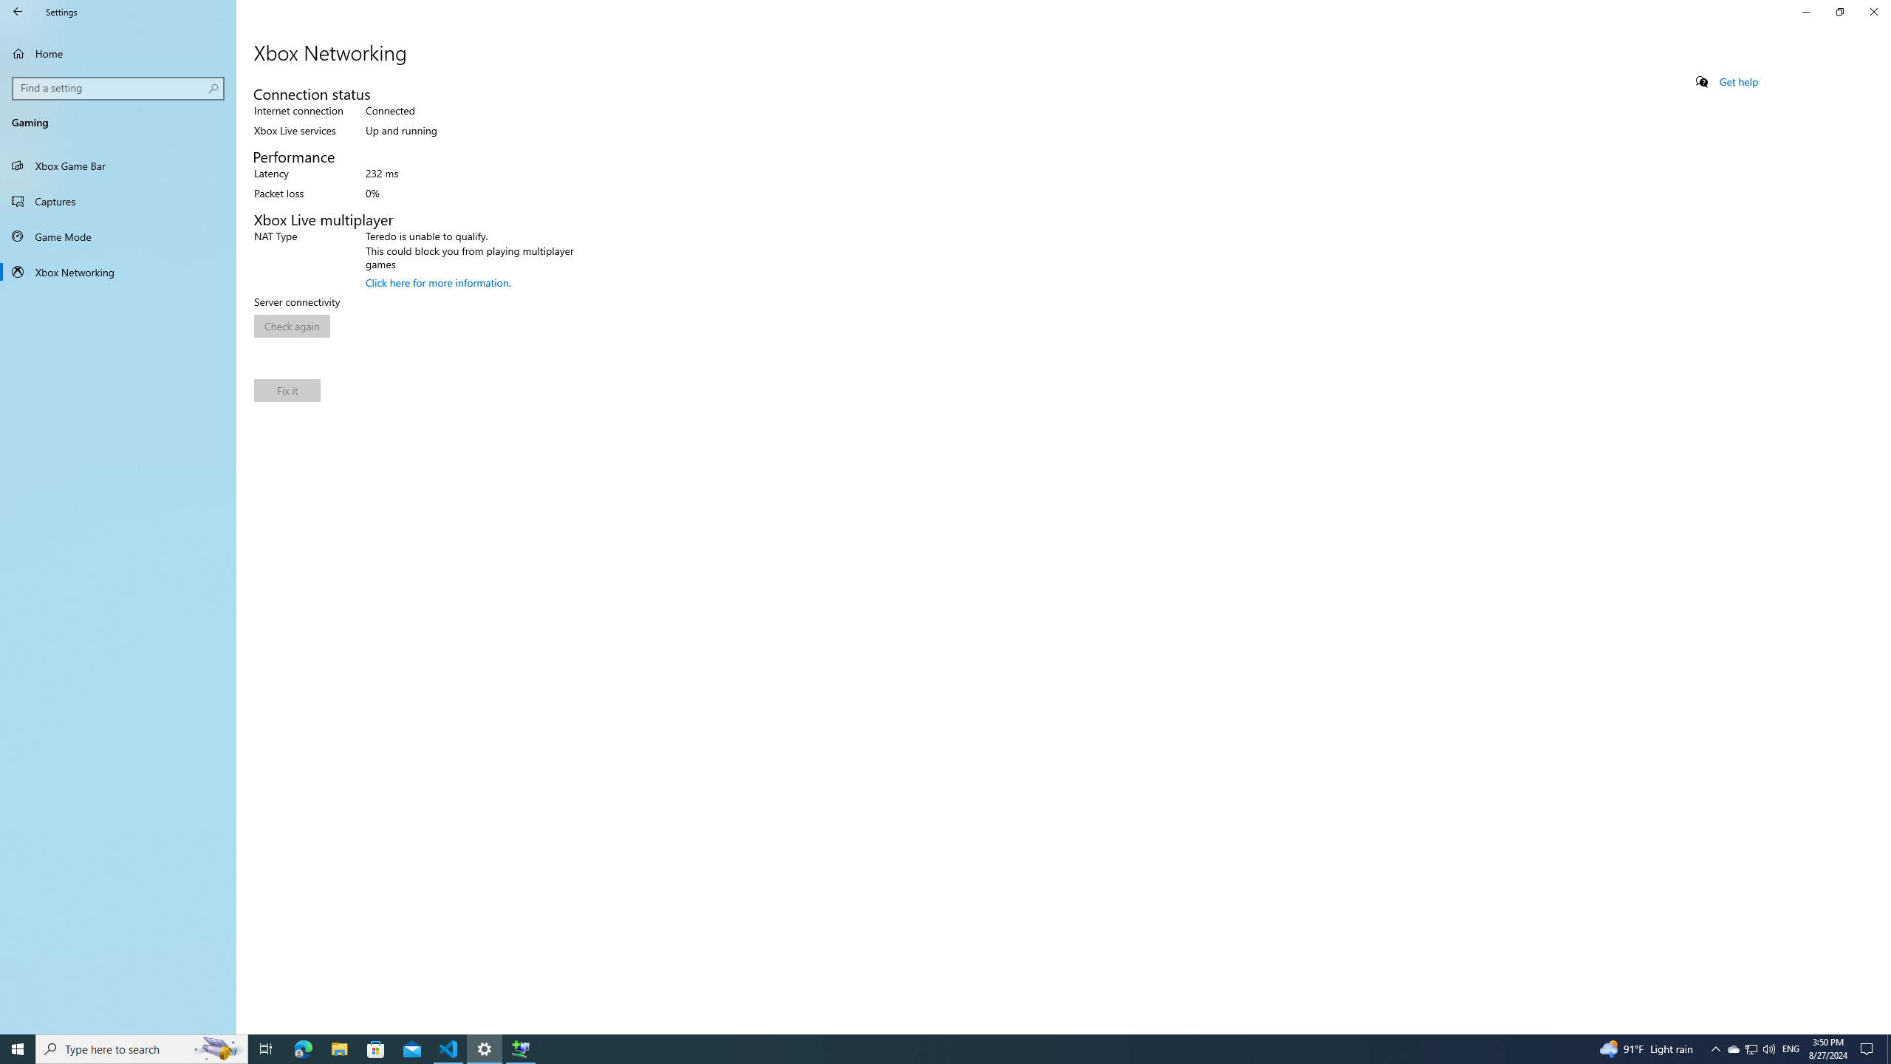 This screenshot has height=1064, width=1891. Describe the element at coordinates (1888, 1048) in the screenshot. I see `'Show desktop'` at that location.